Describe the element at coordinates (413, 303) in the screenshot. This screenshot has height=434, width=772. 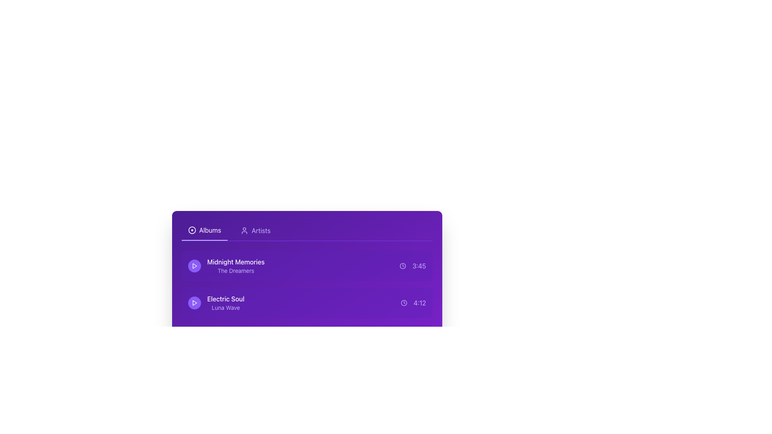
I see `the label with an accompanying icon indicating the duration of the second song entry in the vertical list` at that location.